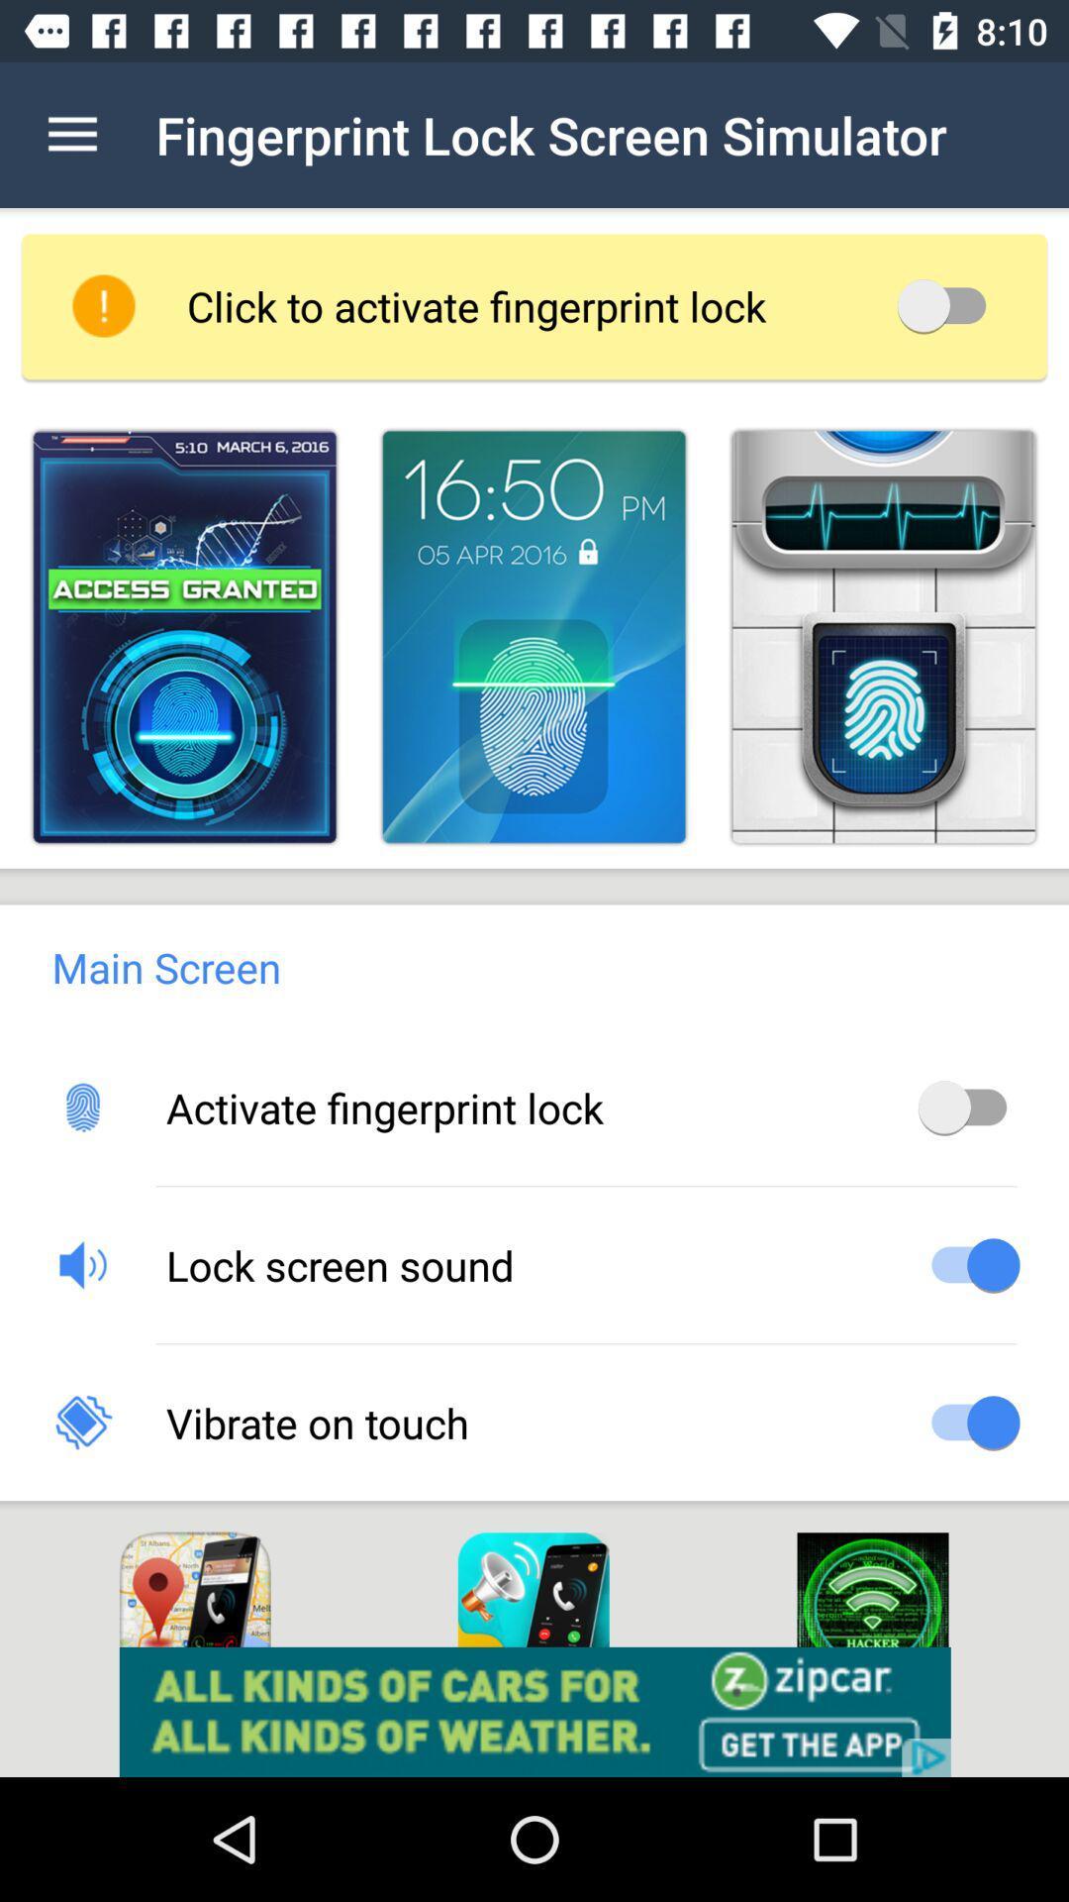 Image resolution: width=1069 pixels, height=1902 pixels. I want to click on pop up advertisement, so click(534, 1711).